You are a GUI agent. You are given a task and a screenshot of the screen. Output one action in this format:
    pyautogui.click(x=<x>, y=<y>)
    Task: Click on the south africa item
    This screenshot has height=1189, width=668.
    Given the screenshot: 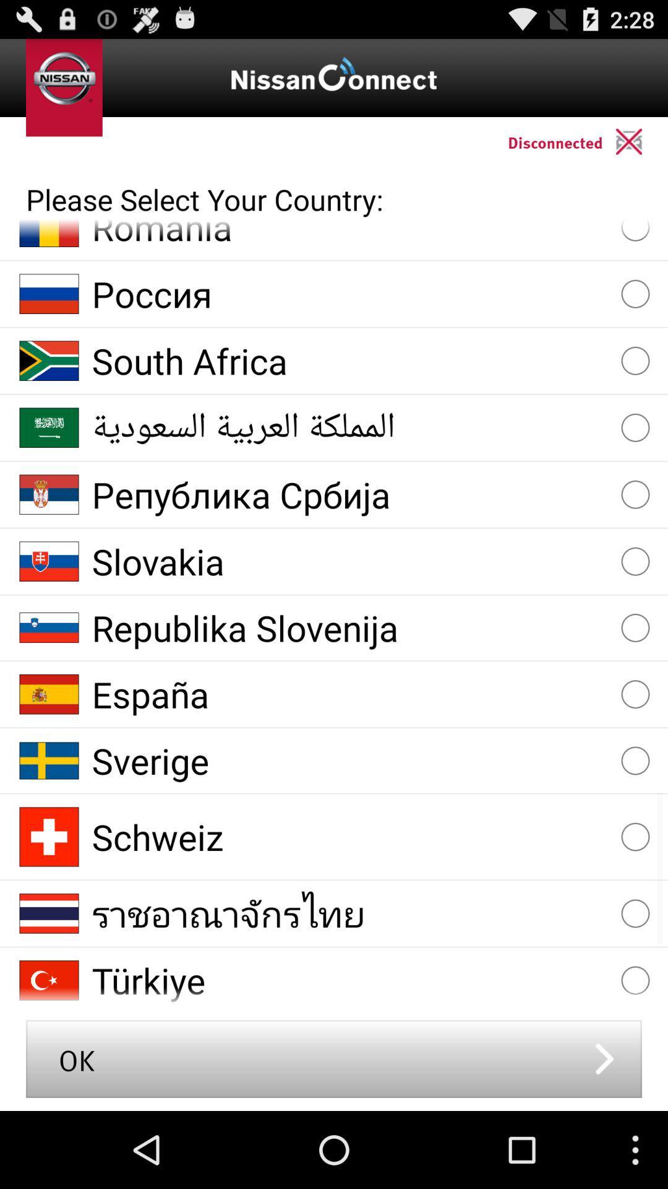 What is the action you would take?
    pyautogui.click(x=351, y=360)
    